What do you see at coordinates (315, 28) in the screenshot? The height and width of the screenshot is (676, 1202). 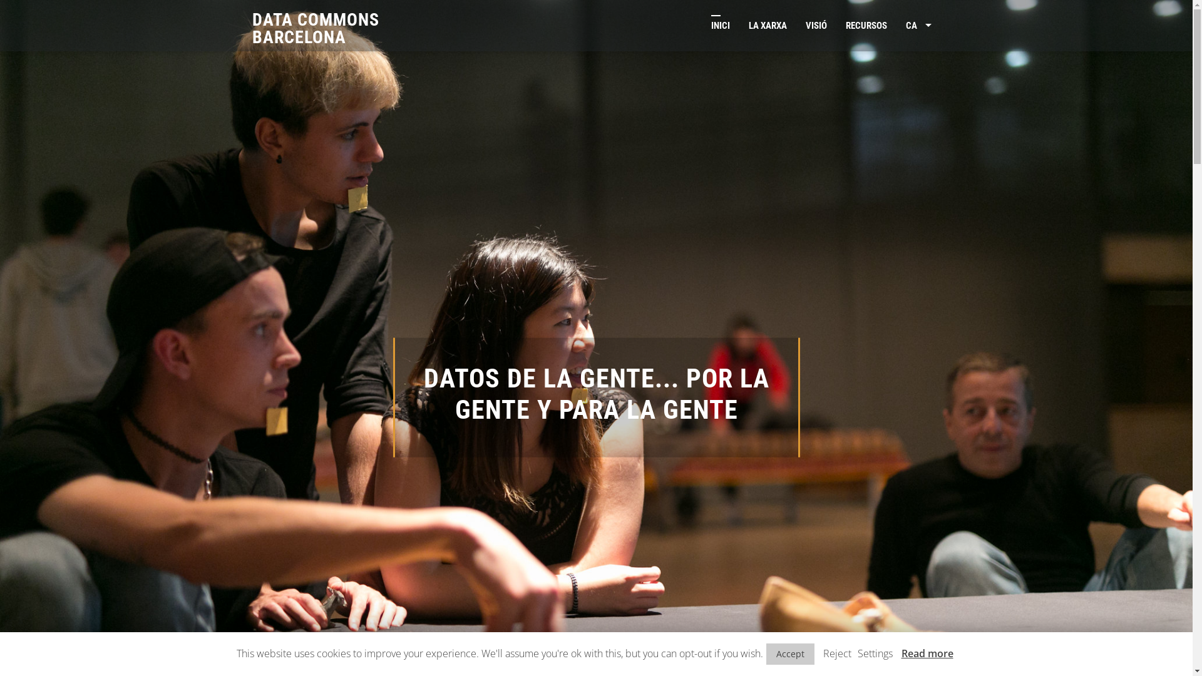 I see `'DATA COMMONS BARCELONA'` at bounding box center [315, 28].